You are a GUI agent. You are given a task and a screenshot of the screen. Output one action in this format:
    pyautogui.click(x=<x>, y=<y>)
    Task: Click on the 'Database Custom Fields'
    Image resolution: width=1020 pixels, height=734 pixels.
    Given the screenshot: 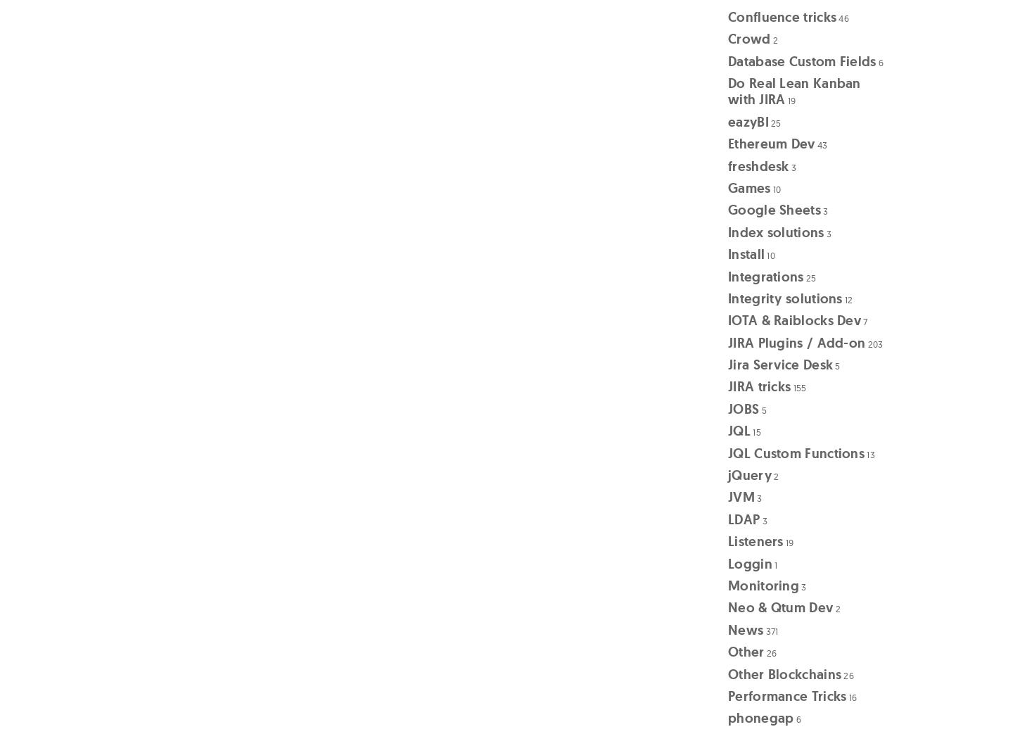 What is the action you would take?
    pyautogui.click(x=801, y=61)
    